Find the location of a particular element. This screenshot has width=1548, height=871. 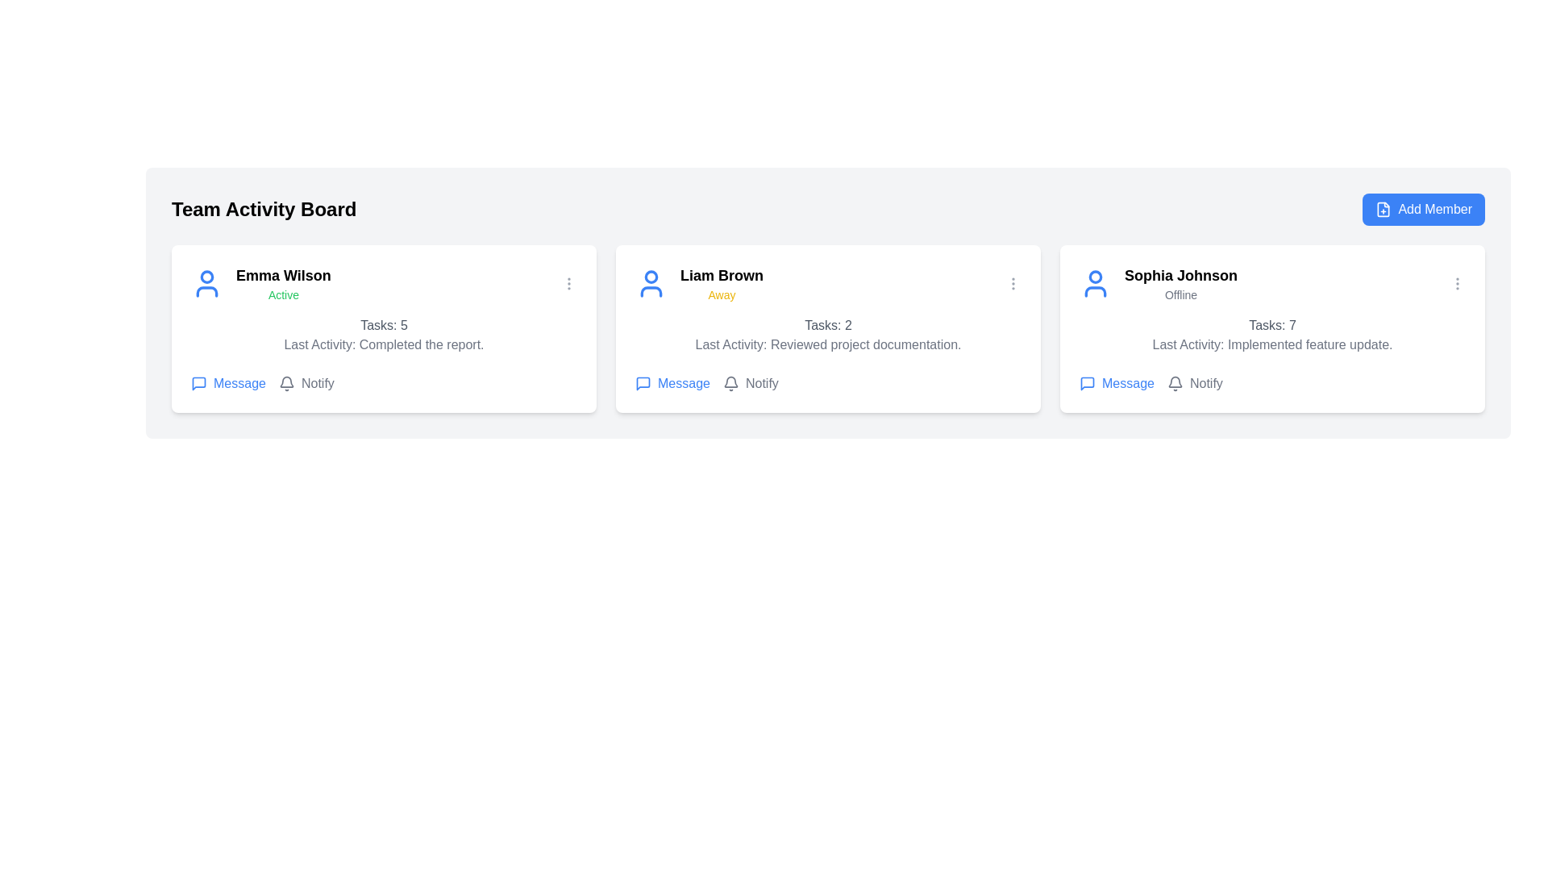

the Icon button for 'Sophia Johnson' located at the bottom of her profile card is located at coordinates (1087, 383).